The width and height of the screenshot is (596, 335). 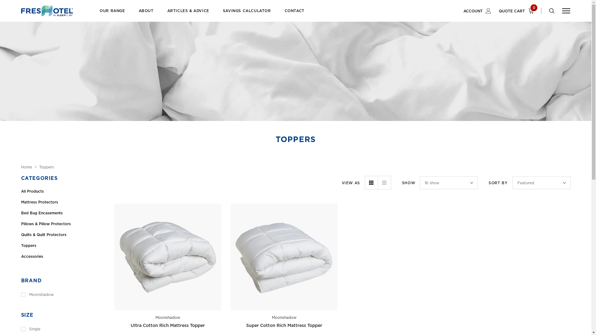 What do you see at coordinates (246, 14) in the screenshot?
I see `'SAVINGS CALCULATOR'` at bounding box center [246, 14].